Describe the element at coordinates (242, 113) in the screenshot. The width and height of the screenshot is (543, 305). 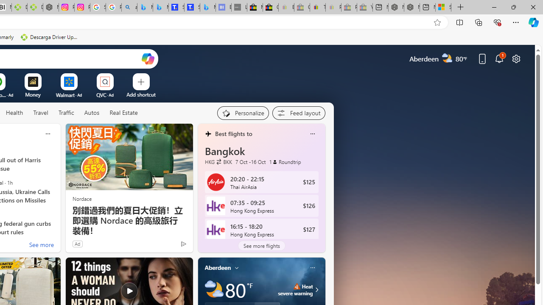
I see `'Personalize your feed"'` at that location.